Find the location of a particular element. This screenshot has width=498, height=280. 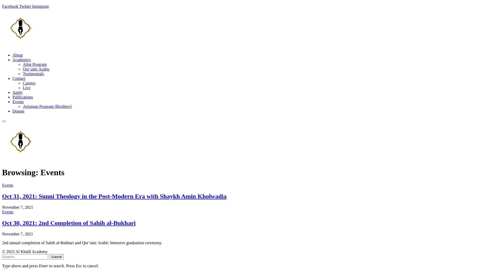

'Apply' is located at coordinates (17, 92).